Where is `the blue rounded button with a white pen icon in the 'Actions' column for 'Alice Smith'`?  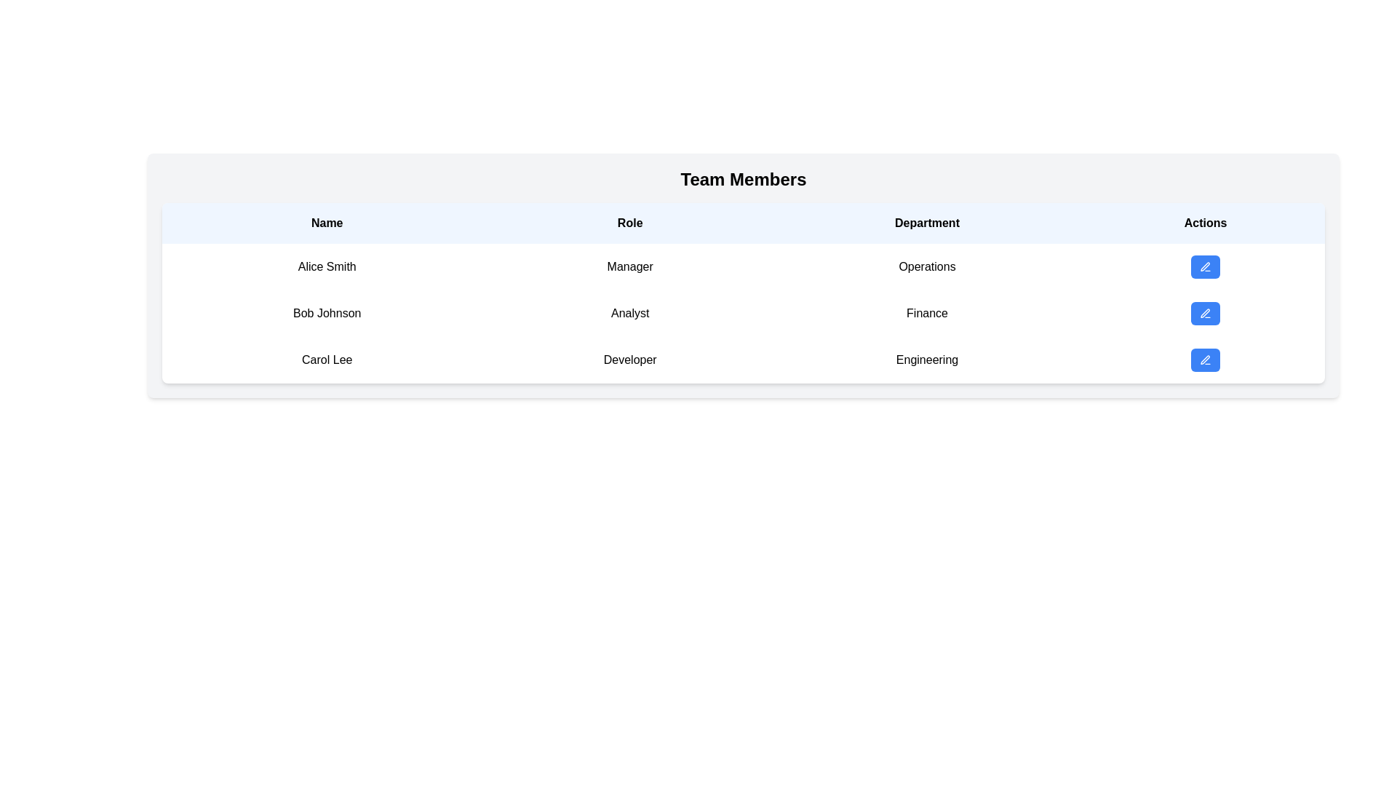 the blue rounded button with a white pen icon in the 'Actions' column for 'Alice Smith' is located at coordinates (1205, 266).